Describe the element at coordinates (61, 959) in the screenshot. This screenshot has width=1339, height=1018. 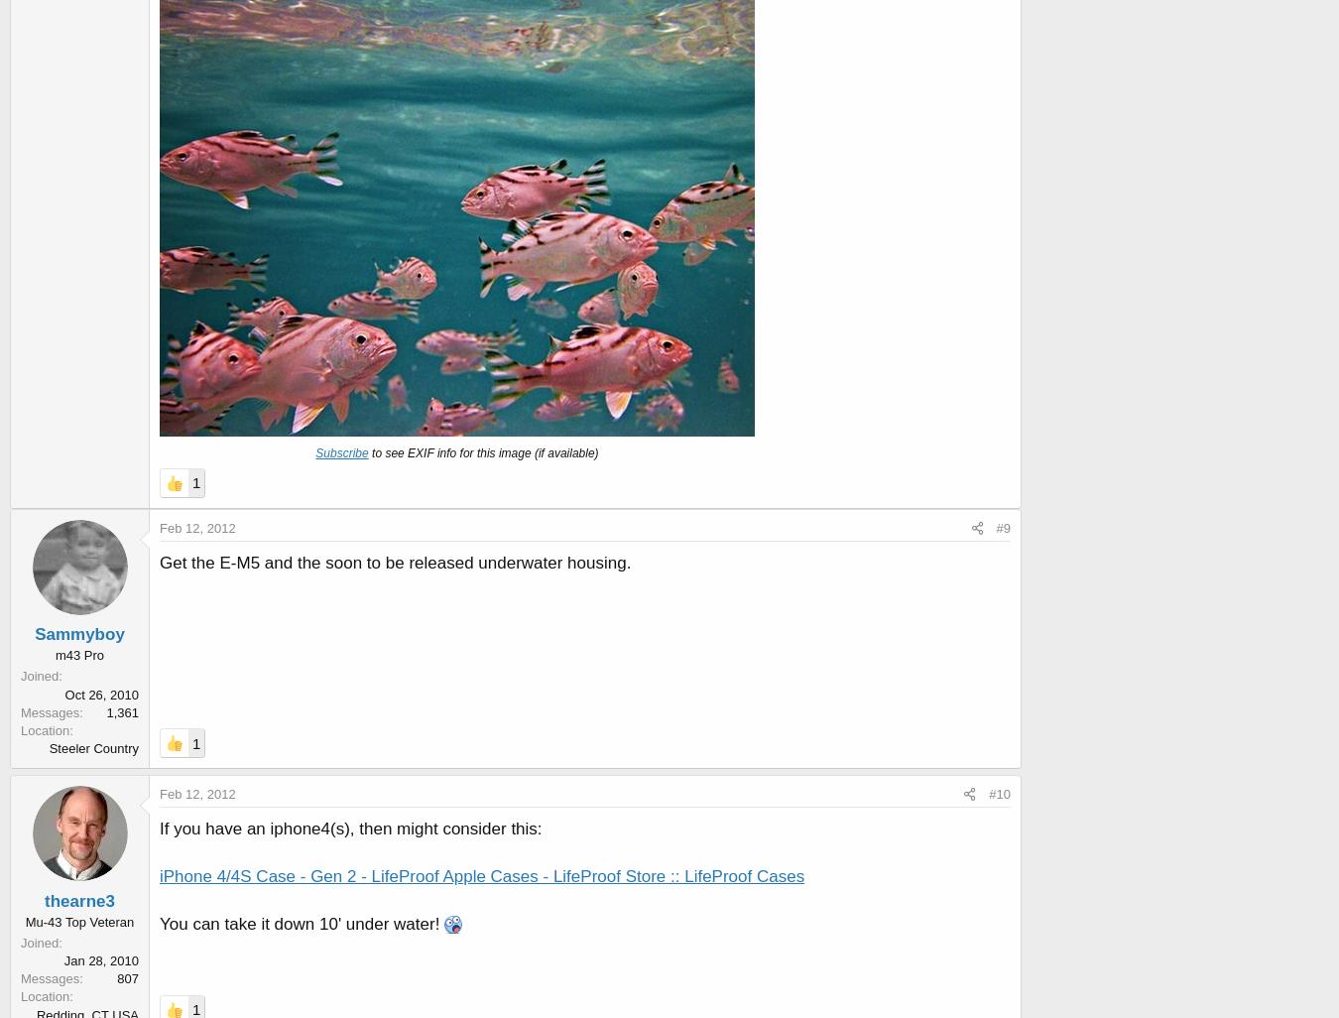
I see `'Jan 28, 2010'` at that location.